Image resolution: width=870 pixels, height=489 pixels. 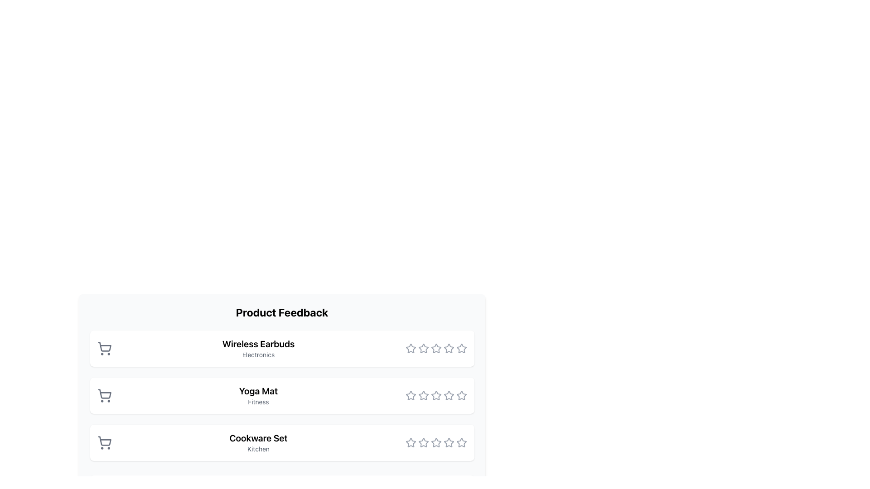 What do you see at coordinates (449, 348) in the screenshot?
I see `the fifth star icon, which is gray and hollow` at bounding box center [449, 348].